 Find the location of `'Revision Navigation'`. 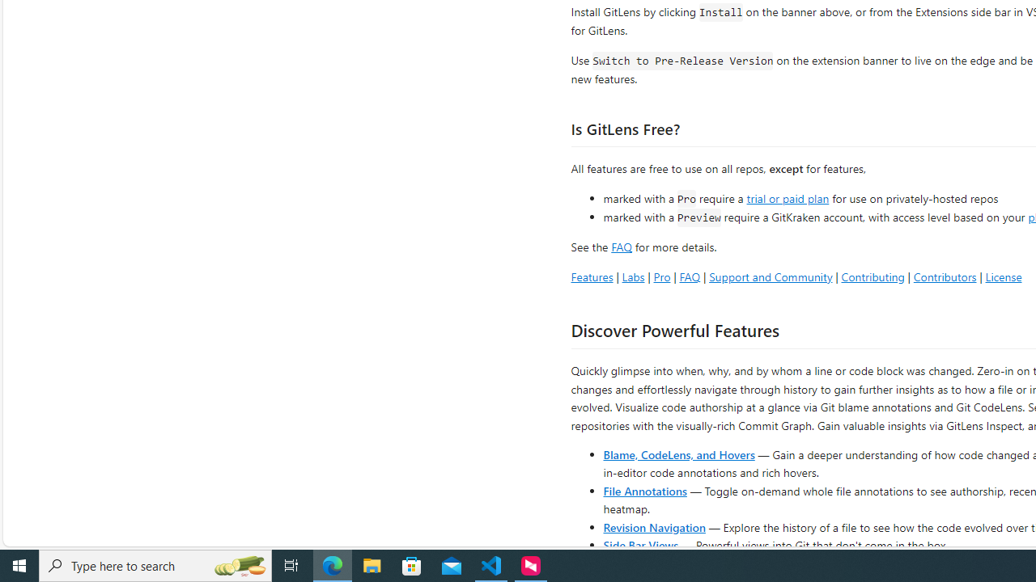

'Revision Navigation' is located at coordinates (654, 526).